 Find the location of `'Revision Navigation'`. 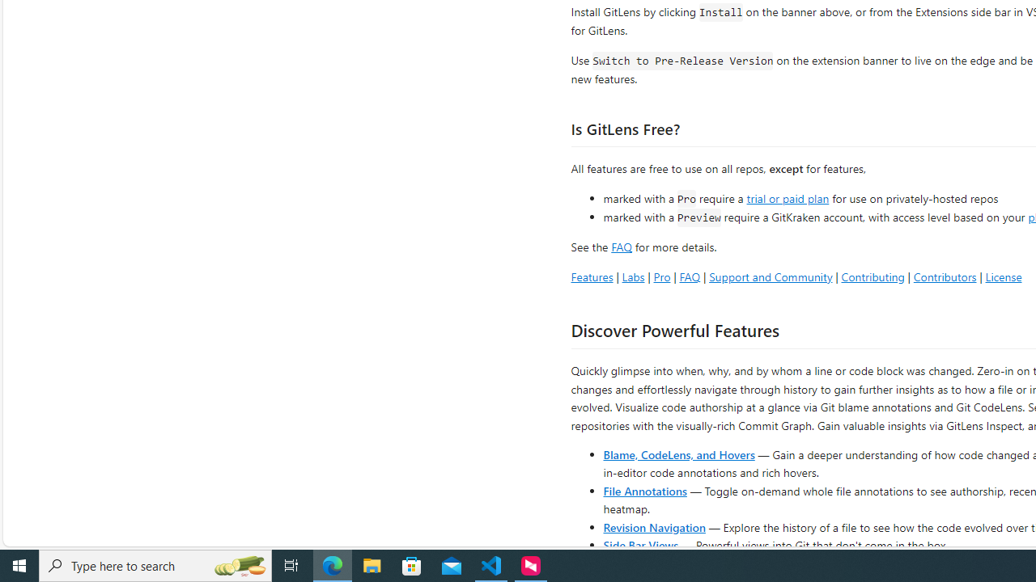

'Revision Navigation' is located at coordinates (654, 526).